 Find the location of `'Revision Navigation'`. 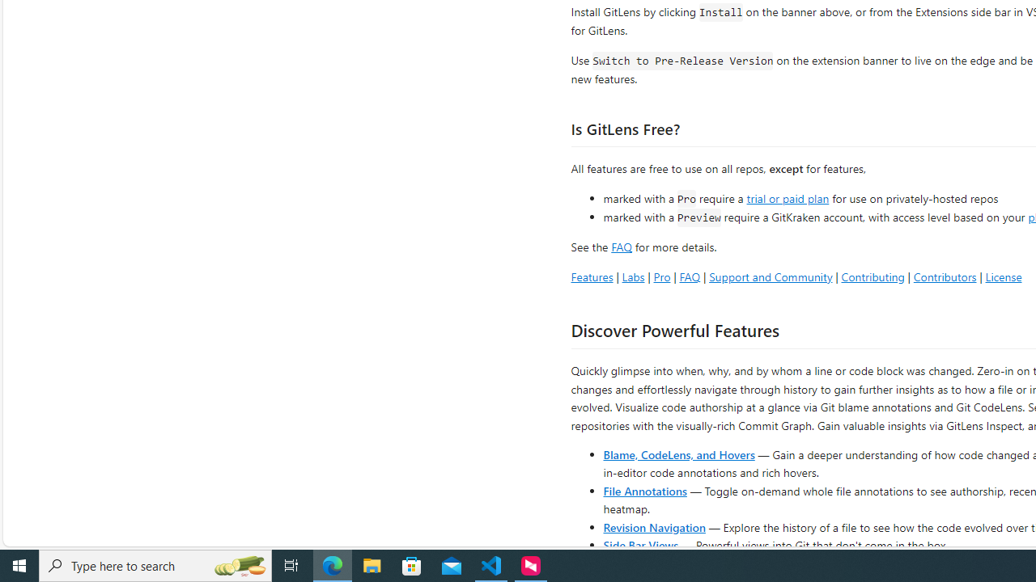

'Revision Navigation' is located at coordinates (654, 526).